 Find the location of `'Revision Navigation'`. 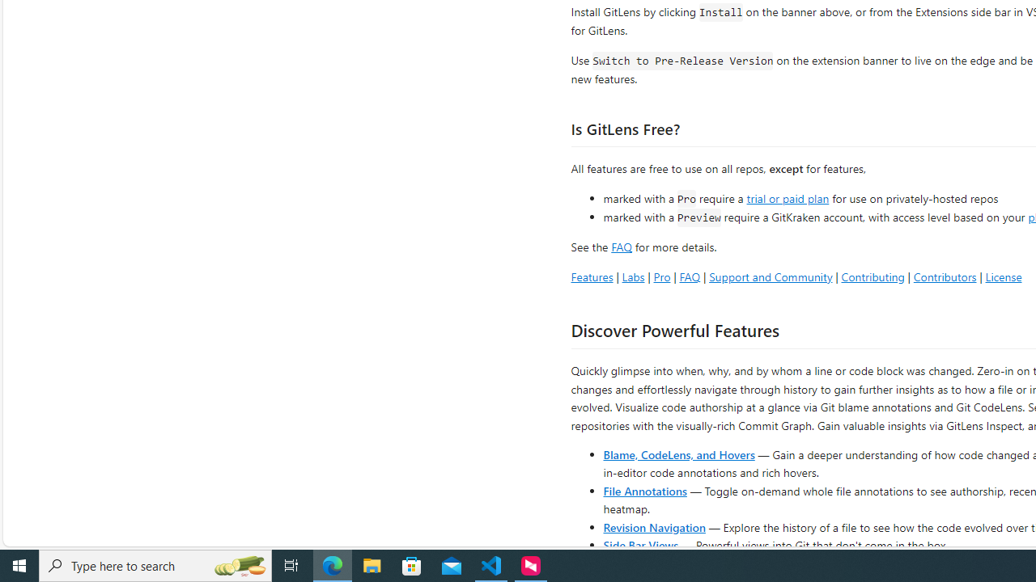

'Revision Navigation' is located at coordinates (654, 526).